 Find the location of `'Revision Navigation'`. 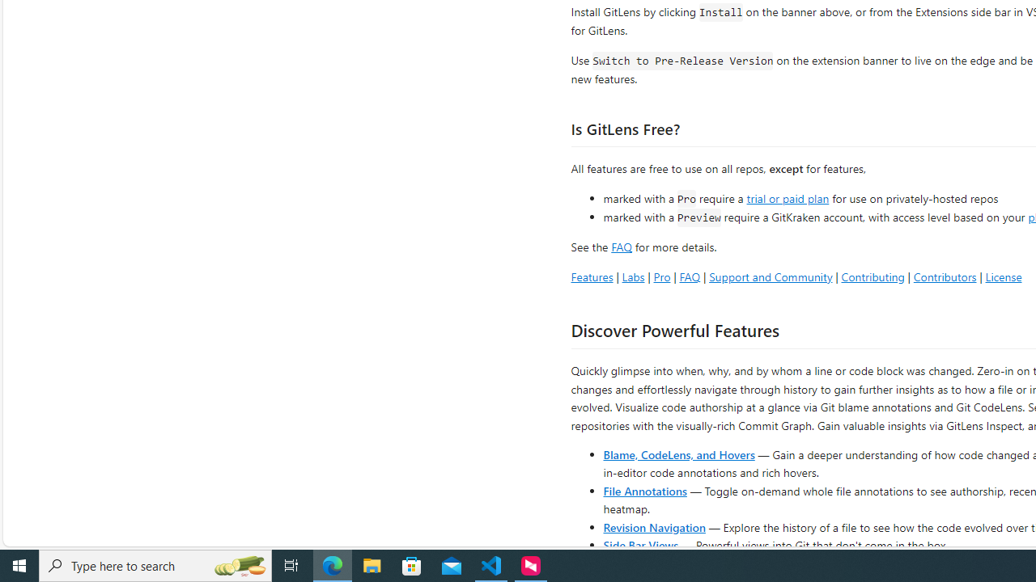

'Revision Navigation' is located at coordinates (654, 526).